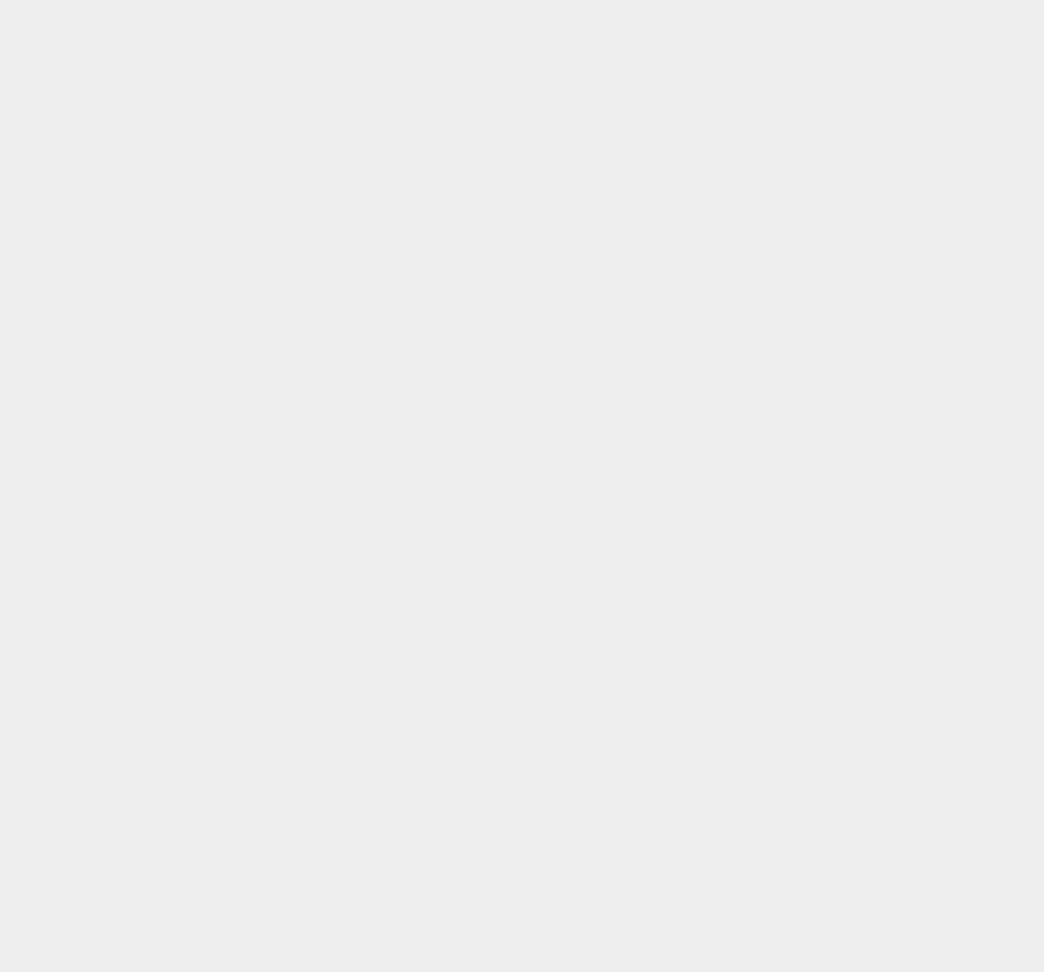 The height and width of the screenshot is (972, 1044). What do you see at coordinates (761, 614) in the screenshot?
I see `'iPhone 5'` at bounding box center [761, 614].